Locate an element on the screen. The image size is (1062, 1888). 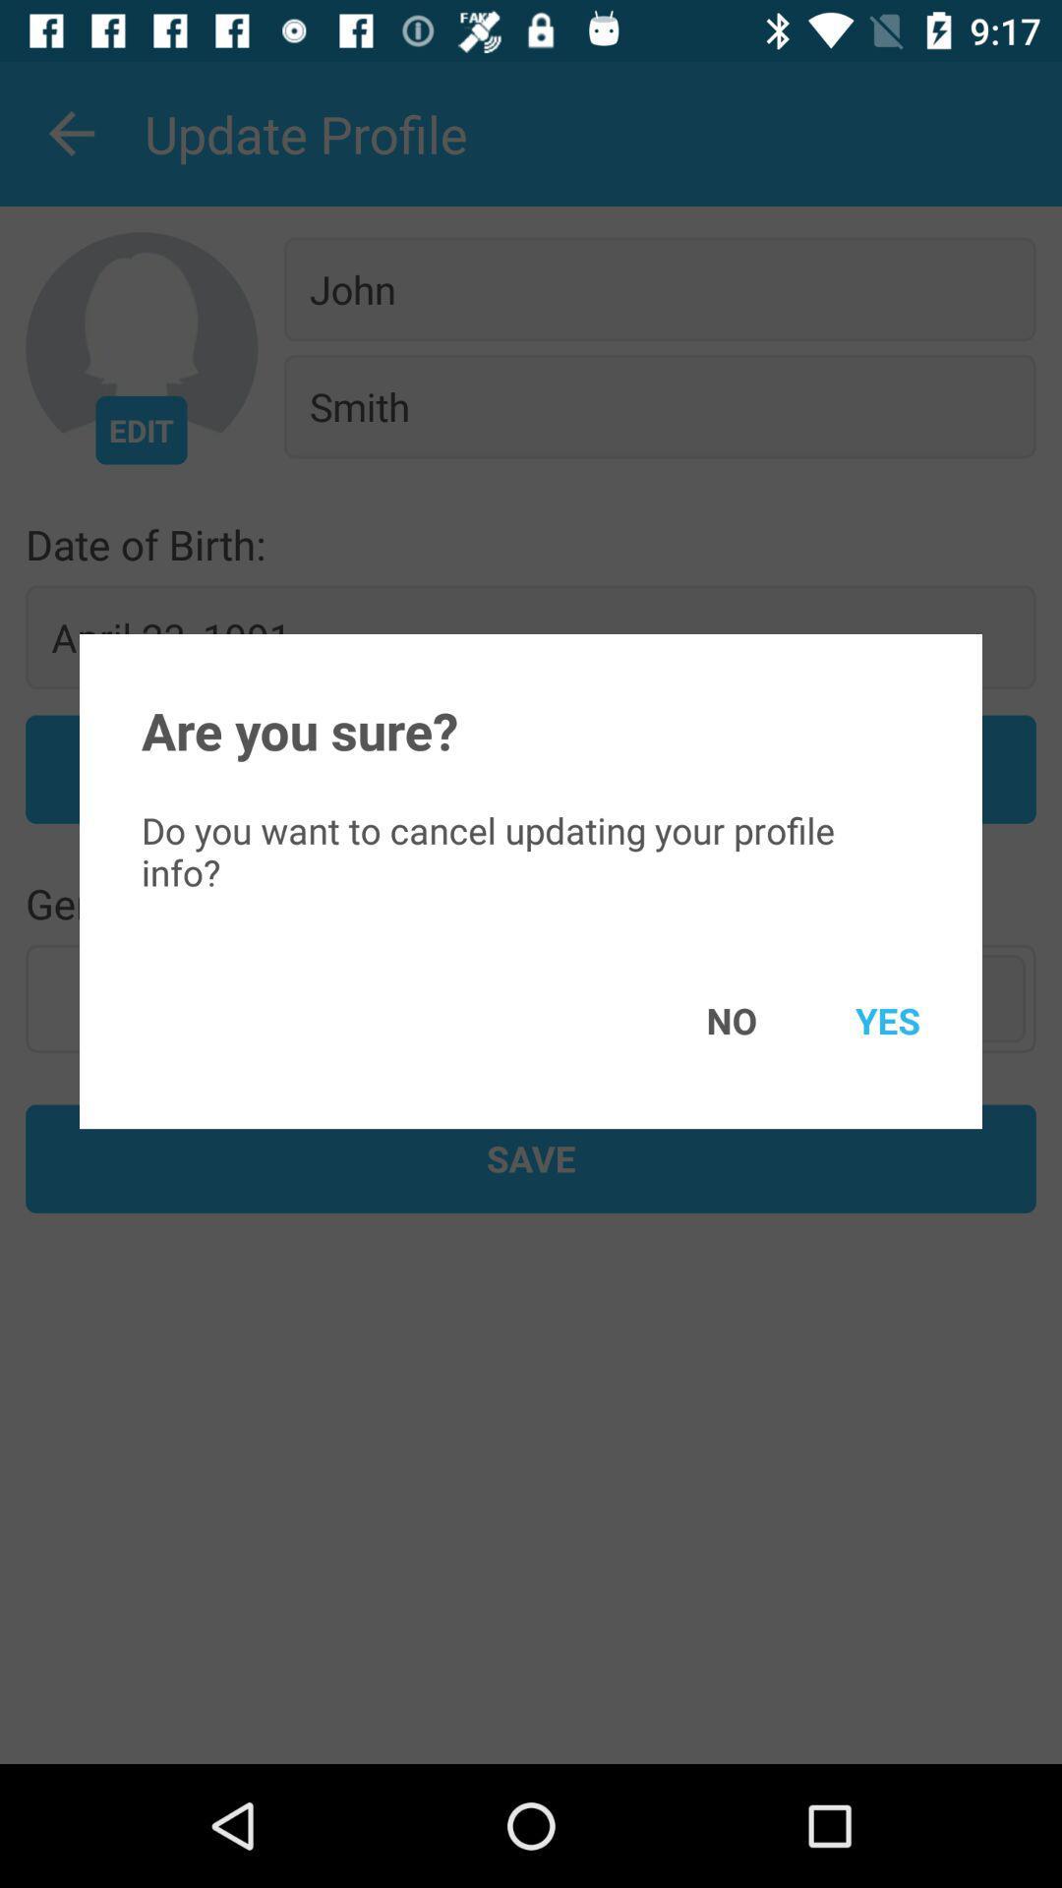
icon below the do you want item is located at coordinates (858, 1020).